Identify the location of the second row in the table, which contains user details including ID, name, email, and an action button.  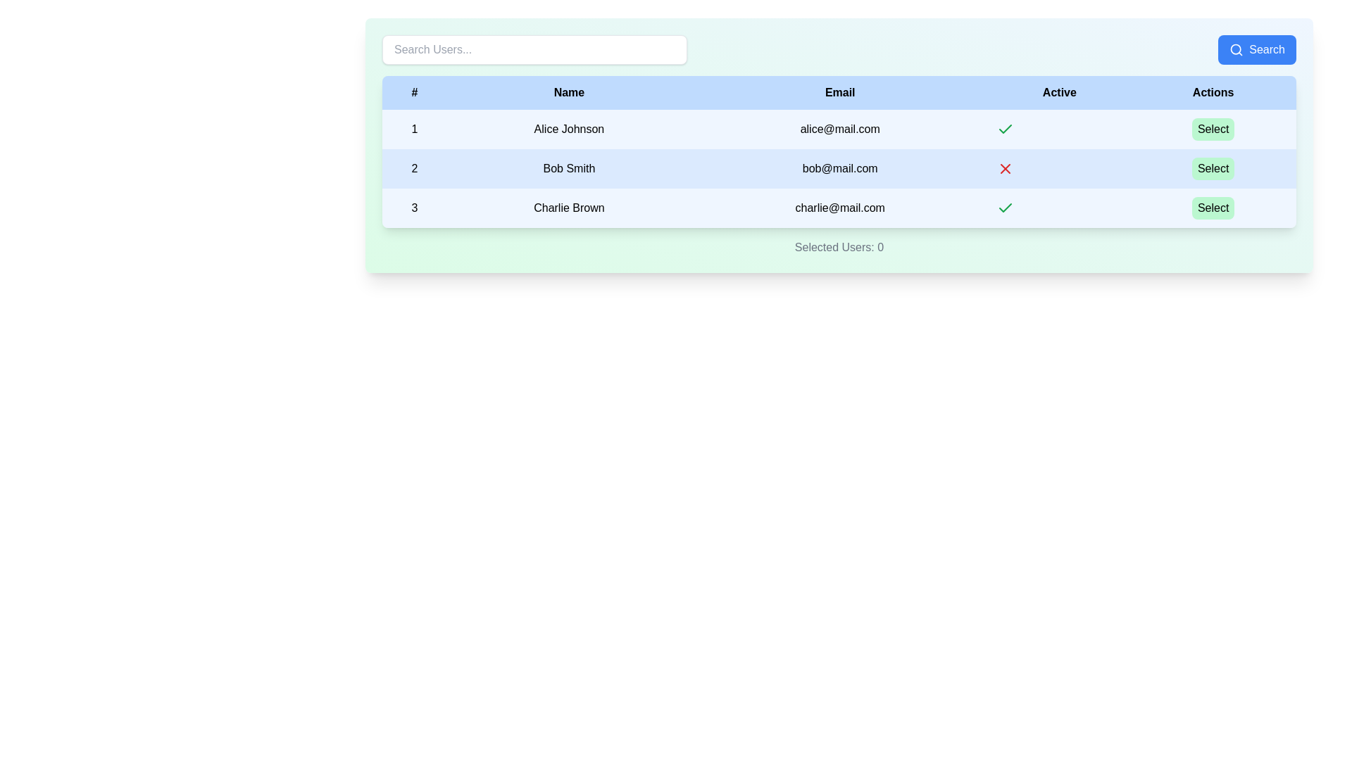
(839, 167).